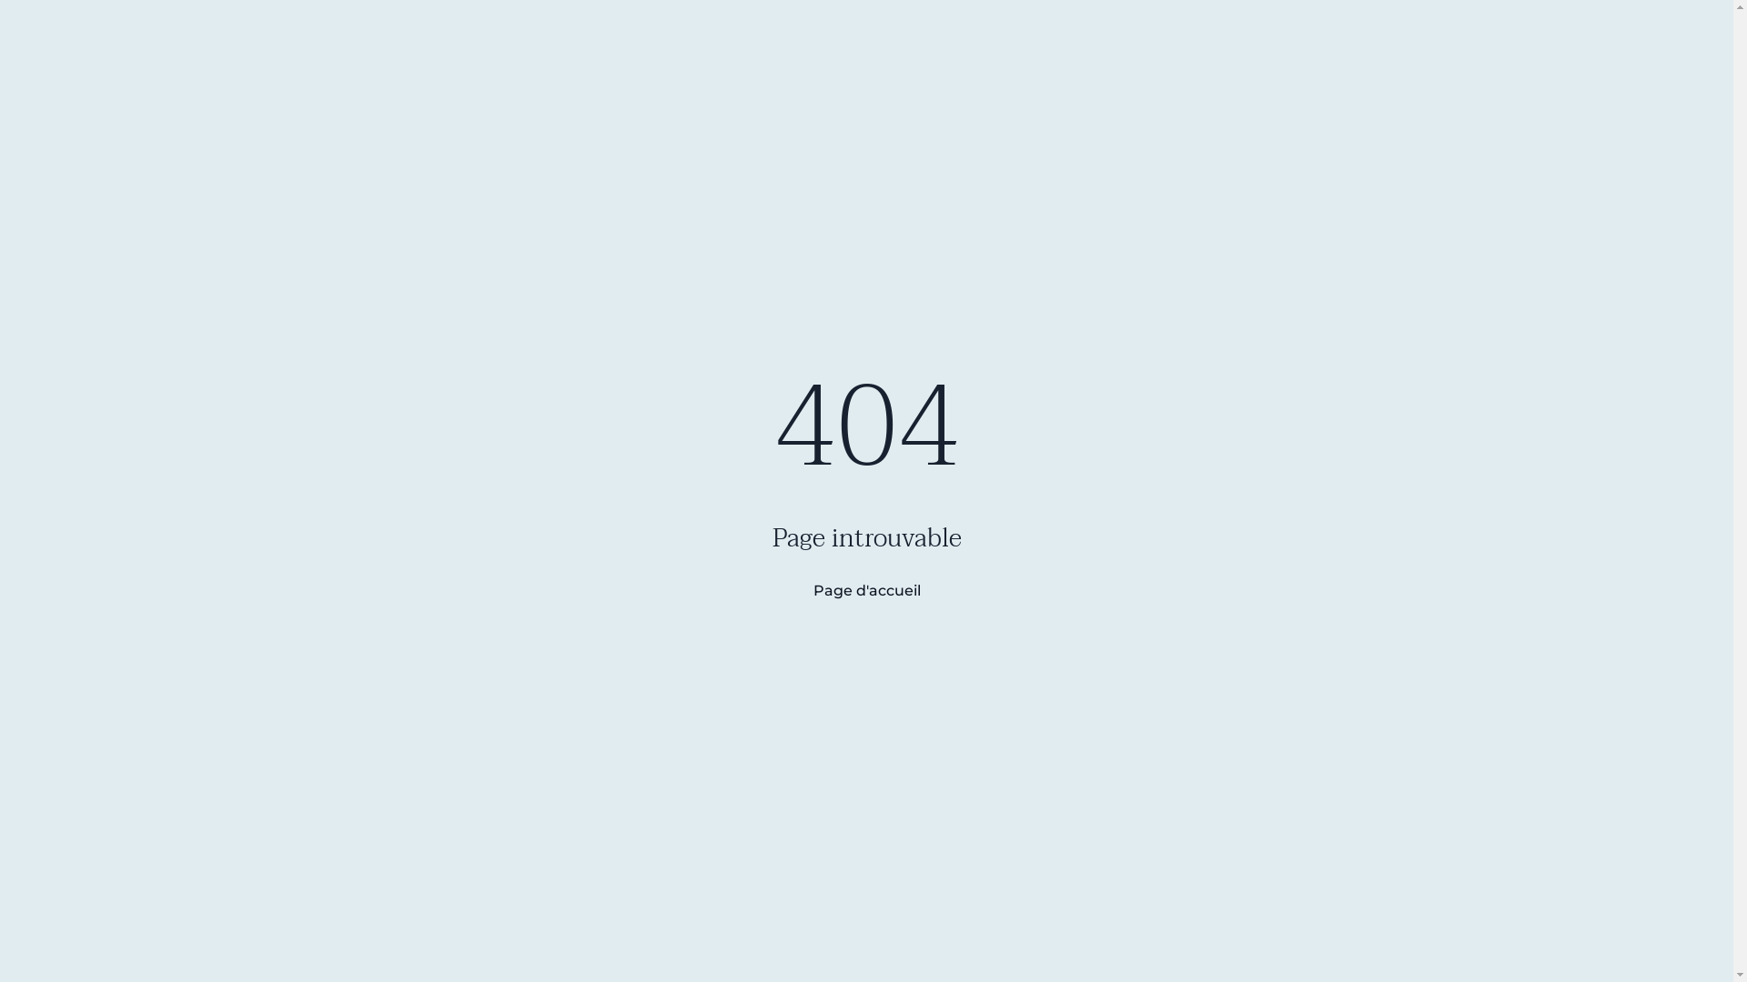 This screenshot has height=982, width=1747. Describe the element at coordinates (793, 591) in the screenshot. I see `'Page d'accueil'` at that location.